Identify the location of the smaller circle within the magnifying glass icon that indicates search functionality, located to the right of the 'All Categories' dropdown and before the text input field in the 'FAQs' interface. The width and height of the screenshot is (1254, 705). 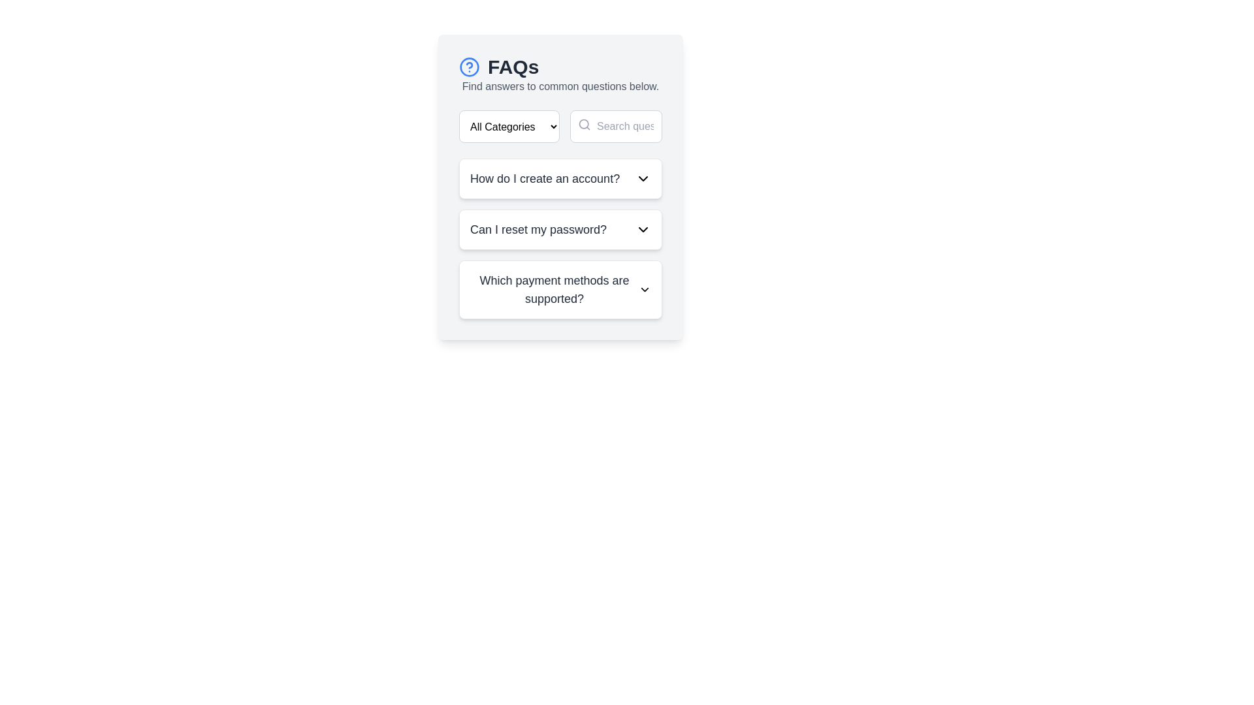
(583, 124).